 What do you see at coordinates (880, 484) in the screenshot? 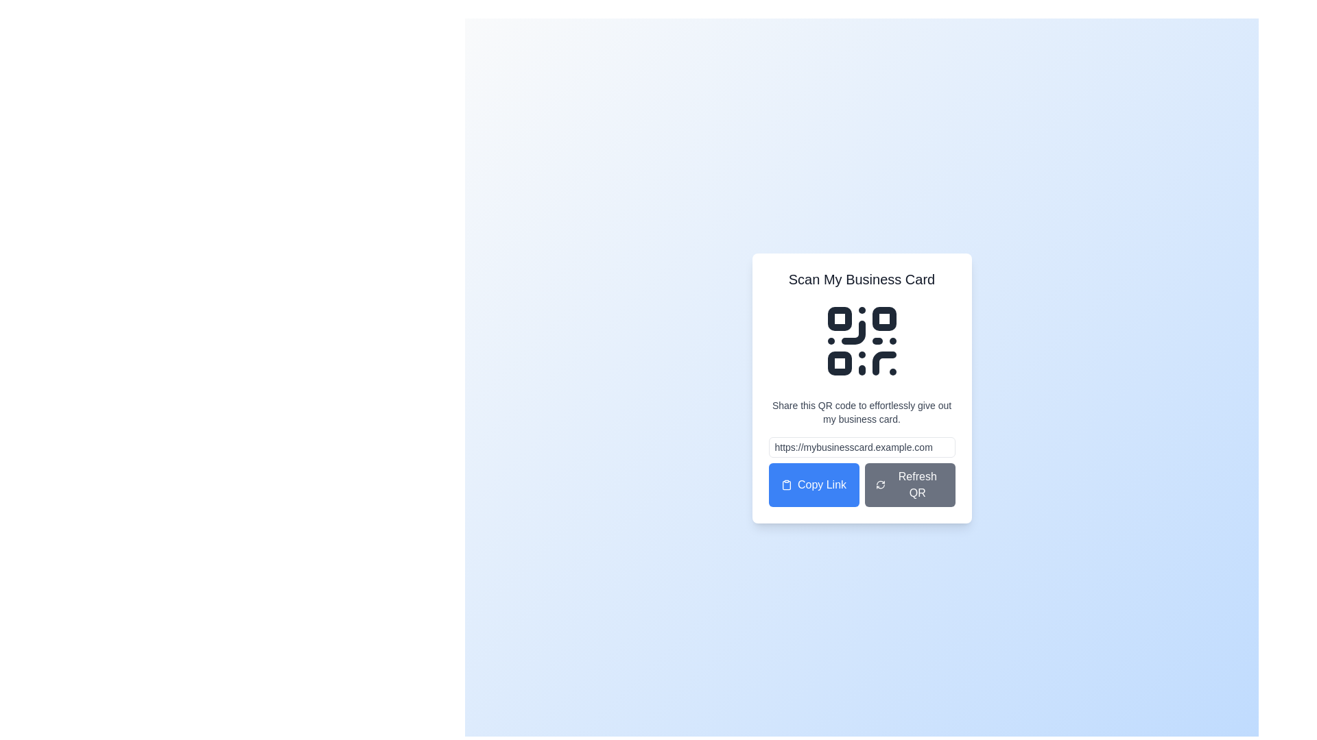
I see `the refresh icon, which is represented by two circular arrows forming a loop and is located within the 'Refresh QR' button at the bottom right of the card` at bounding box center [880, 484].